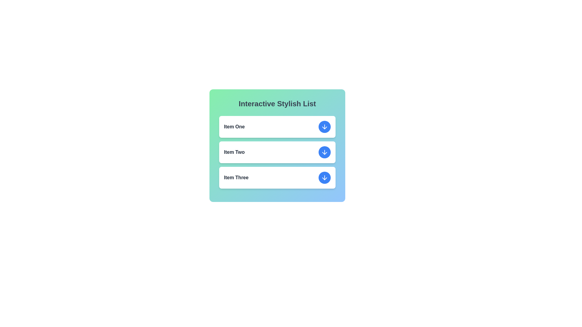 The width and height of the screenshot is (582, 327). What do you see at coordinates (324, 177) in the screenshot?
I see `the arrow button beside Item Three to toggle its expansion` at bounding box center [324, 177].